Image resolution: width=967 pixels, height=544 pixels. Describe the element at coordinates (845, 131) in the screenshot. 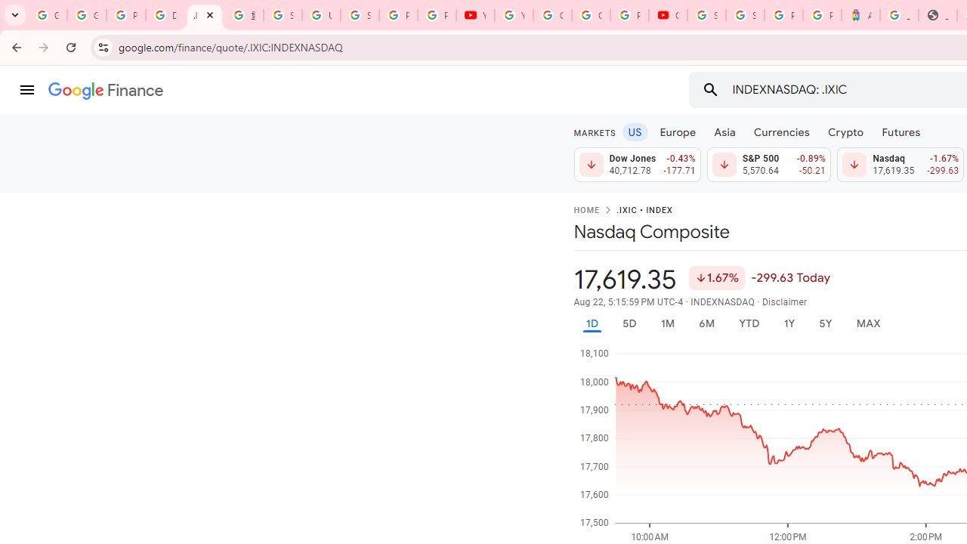

I see `'Crypto'` at that location.